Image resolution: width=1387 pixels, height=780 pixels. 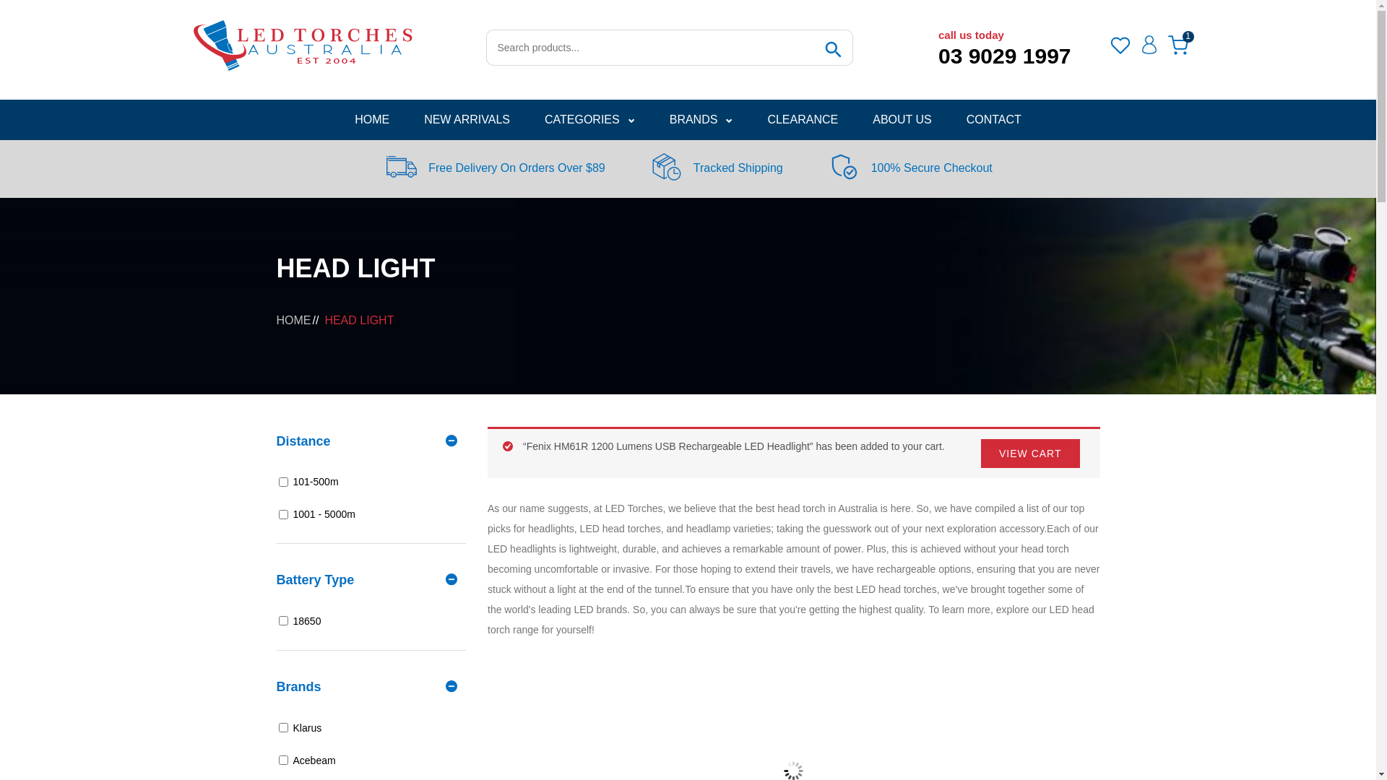 What do you see at coordinates (293, 318) in the screenshot?
I see `'HOME'` at bounding box center [293, 318].